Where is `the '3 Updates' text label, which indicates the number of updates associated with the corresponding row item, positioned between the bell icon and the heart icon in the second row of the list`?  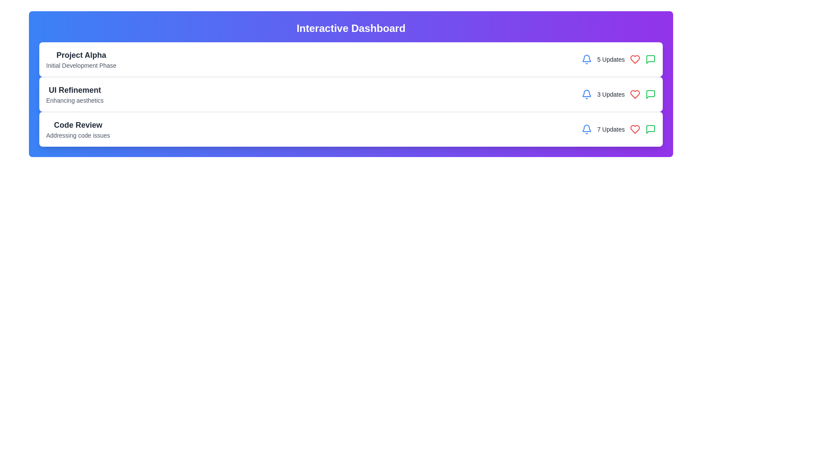 the '3 Updates' text label, which indicates the number of updates associated with the corresponding row item, positioned between the bell icon and the heart icon in the second row of the list is located at coordinates (611, 94).